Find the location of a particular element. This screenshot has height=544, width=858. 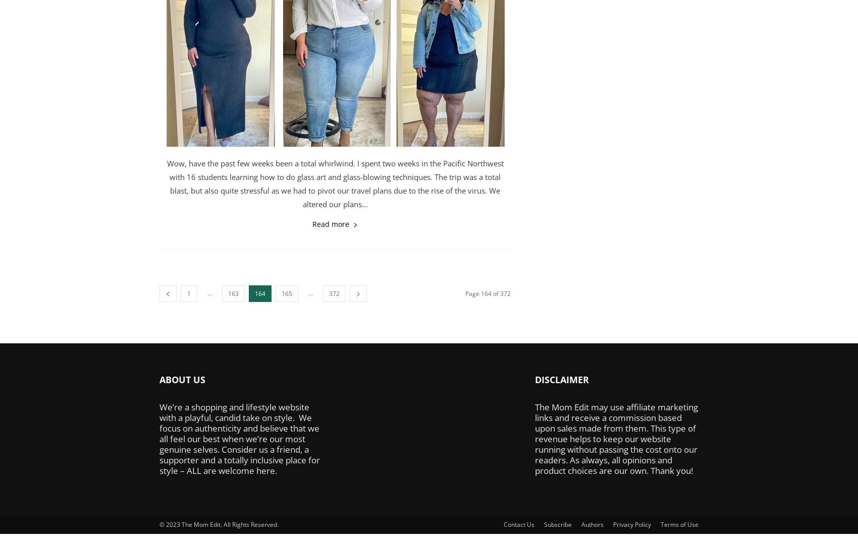

'1' is located at coordinates (188, 293).